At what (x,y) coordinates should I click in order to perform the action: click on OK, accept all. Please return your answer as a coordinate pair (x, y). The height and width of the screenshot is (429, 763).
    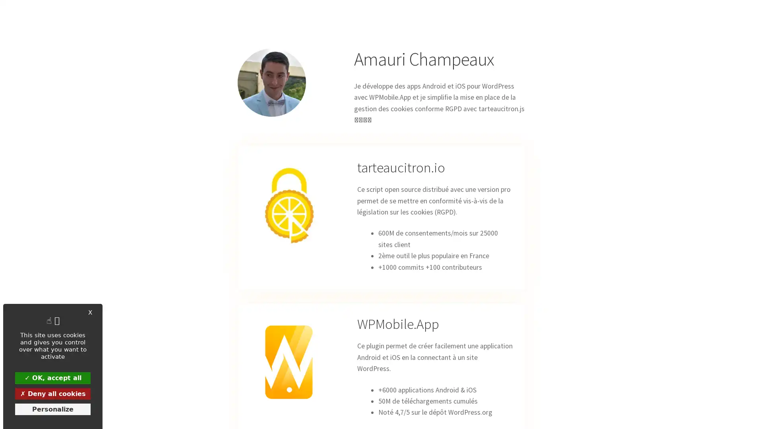
    Looking at the image, I should click on (52, 377).